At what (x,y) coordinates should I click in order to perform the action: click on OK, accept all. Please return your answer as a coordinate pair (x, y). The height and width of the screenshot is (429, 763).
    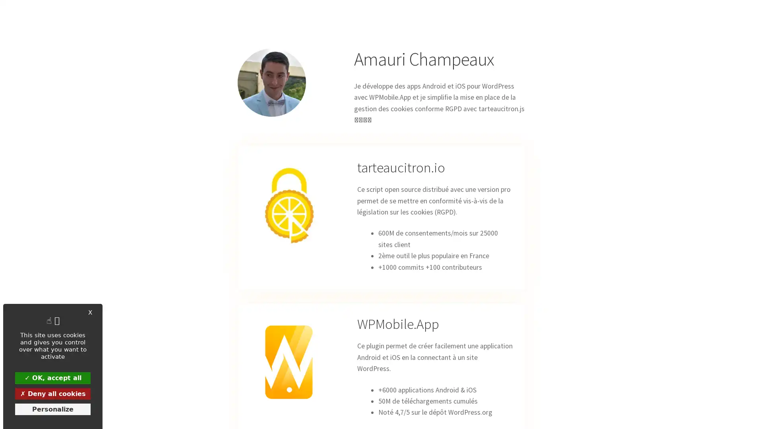
    Looking at the image, I should click on (52, 377).